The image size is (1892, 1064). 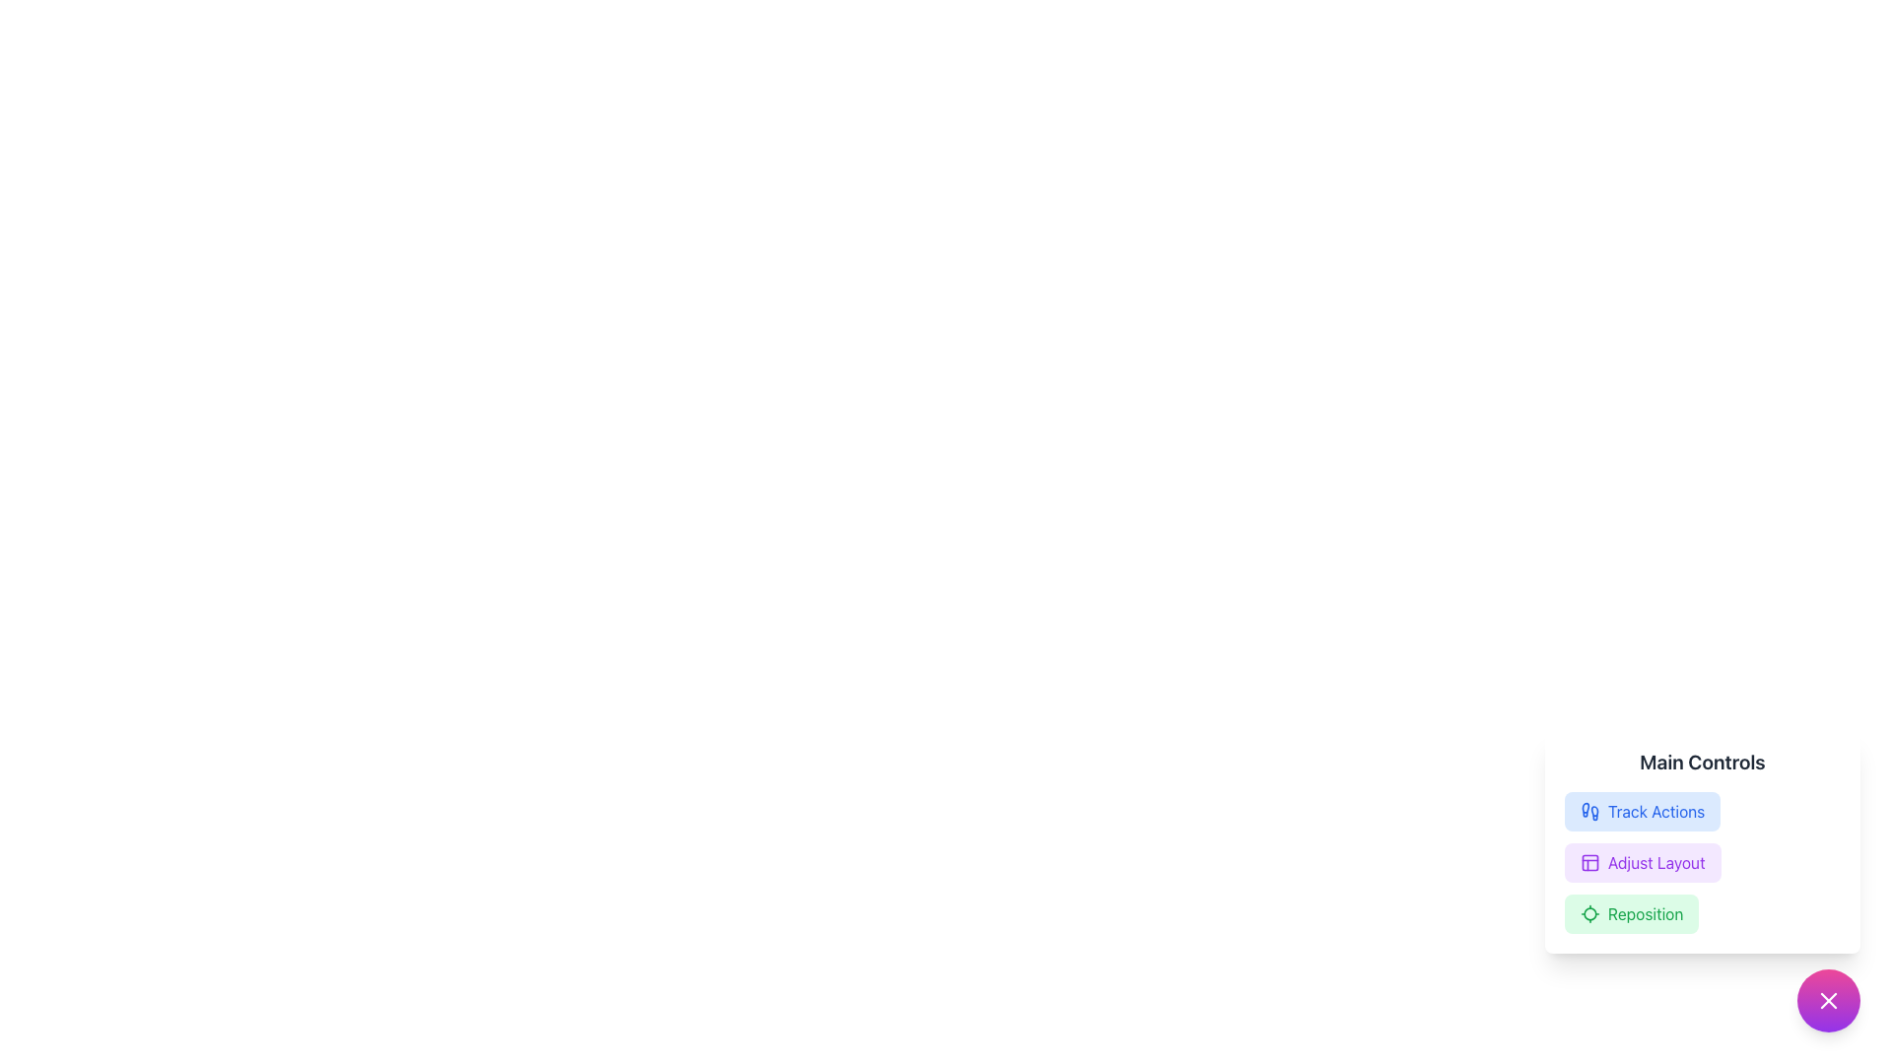 I want to click on the blue outlined footprints icon located to the left of the 'Track Actions' text within the rounded rectangular button in the 'Main Controls' panel, so click(x=1589, y=812).